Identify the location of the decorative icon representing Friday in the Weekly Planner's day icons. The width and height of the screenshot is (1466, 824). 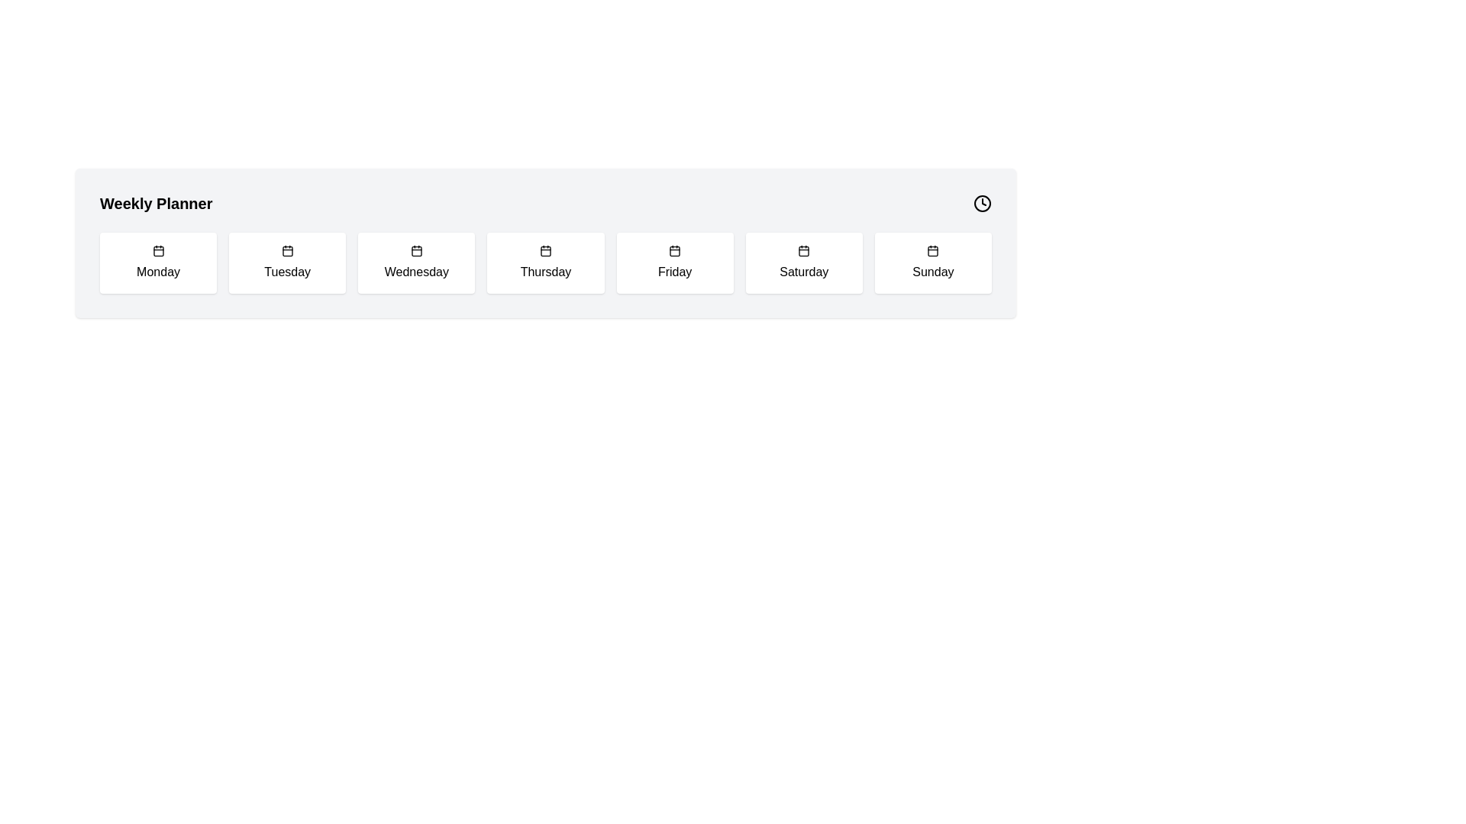
(674, 250).